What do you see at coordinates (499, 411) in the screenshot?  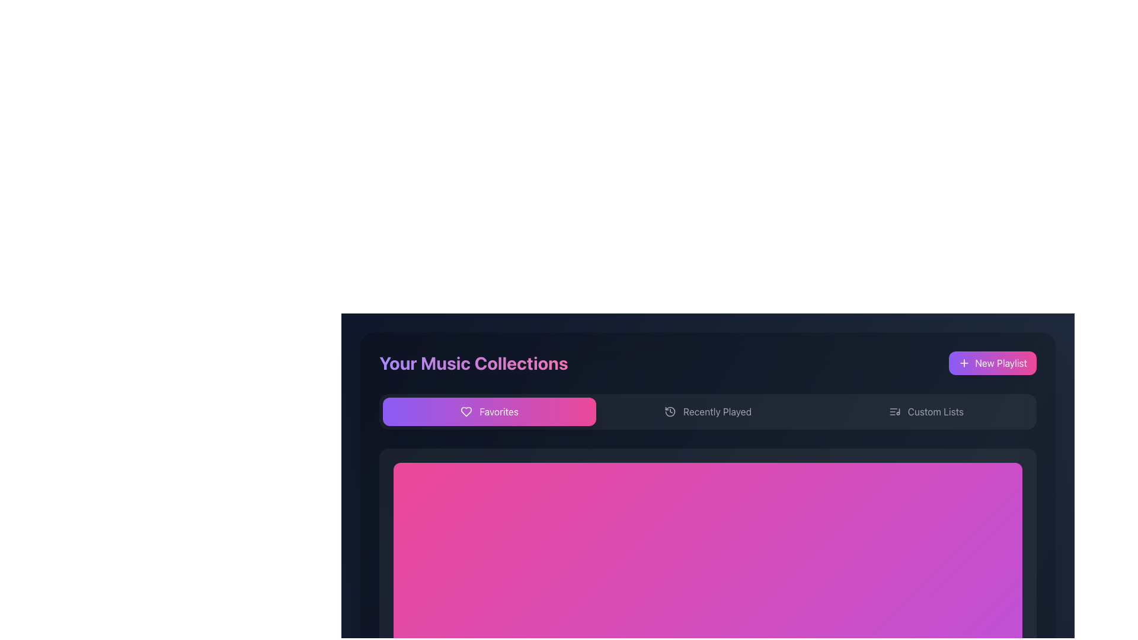 I see `the 'Favorites' text label within the button` at bounding box center [499, 411].